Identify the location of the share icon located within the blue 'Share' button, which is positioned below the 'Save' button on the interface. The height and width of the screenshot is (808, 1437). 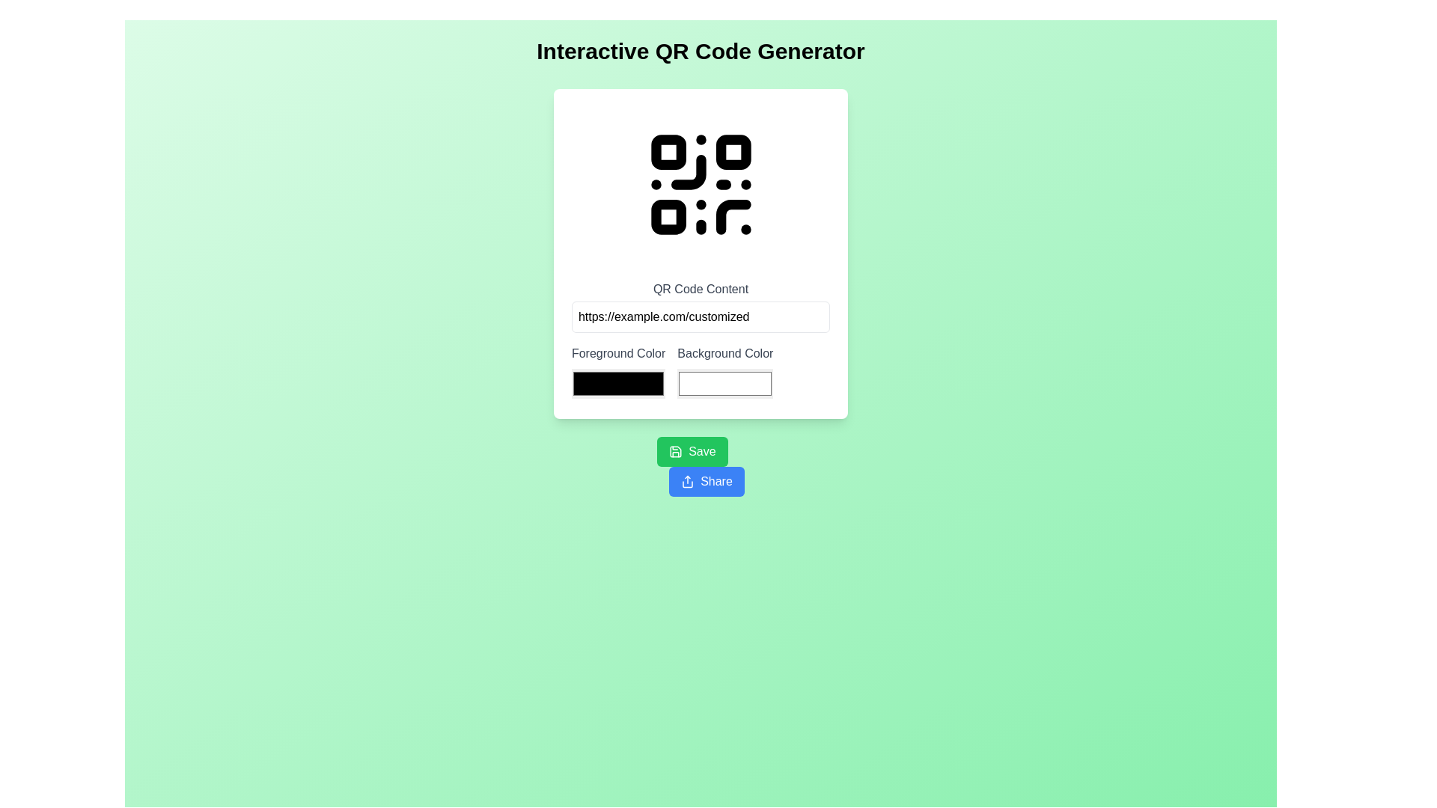
(687, 482).